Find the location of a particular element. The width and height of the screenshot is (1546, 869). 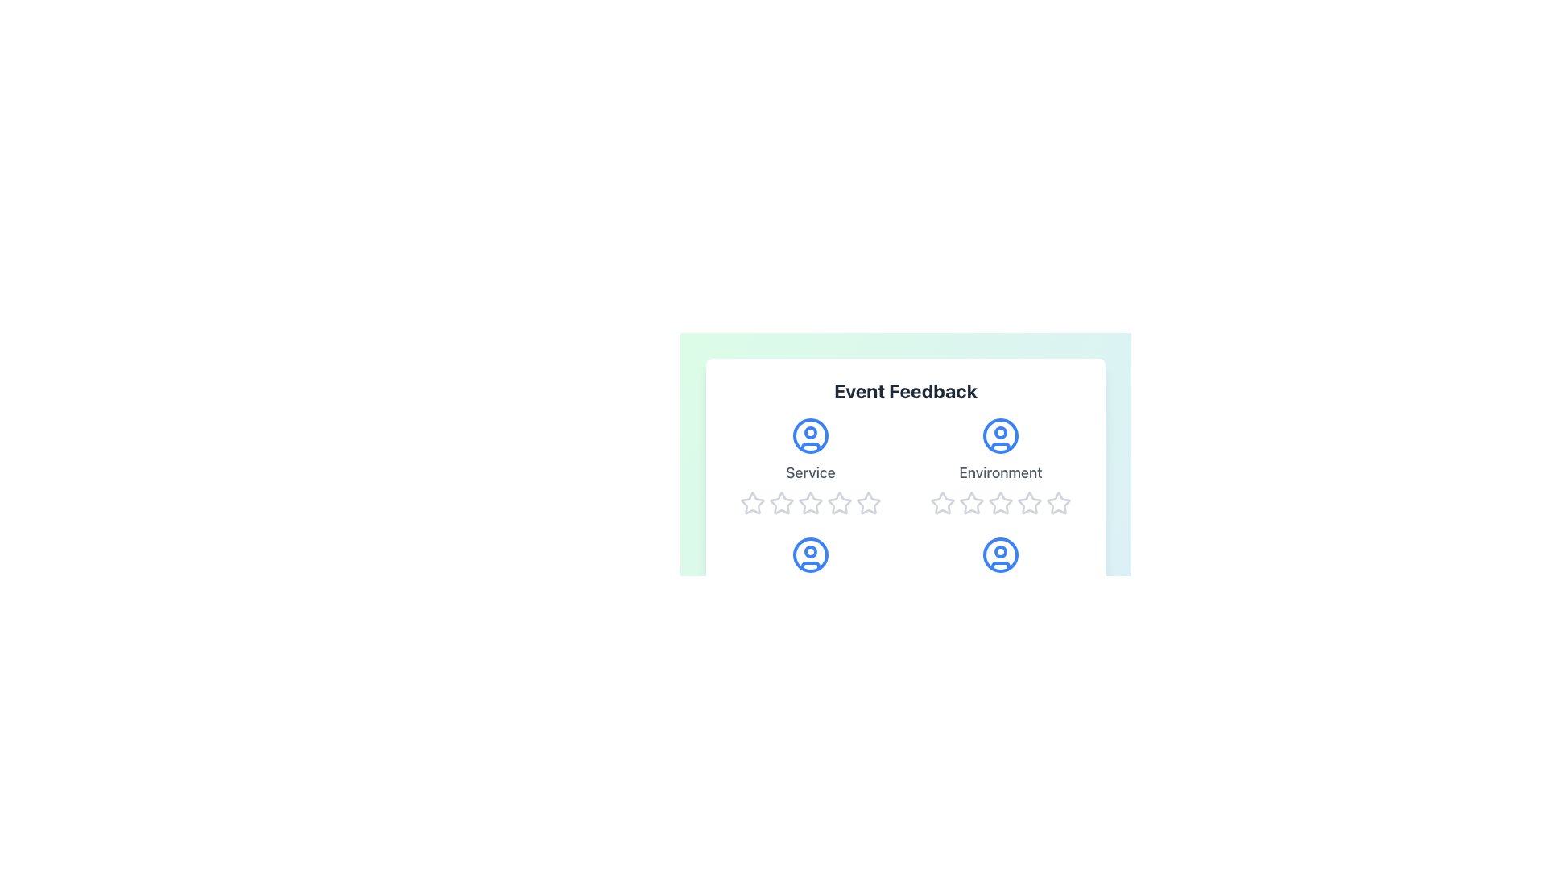

the Feedback Rating Component located at the upper right of its section is located at coordinates (1000, 466).